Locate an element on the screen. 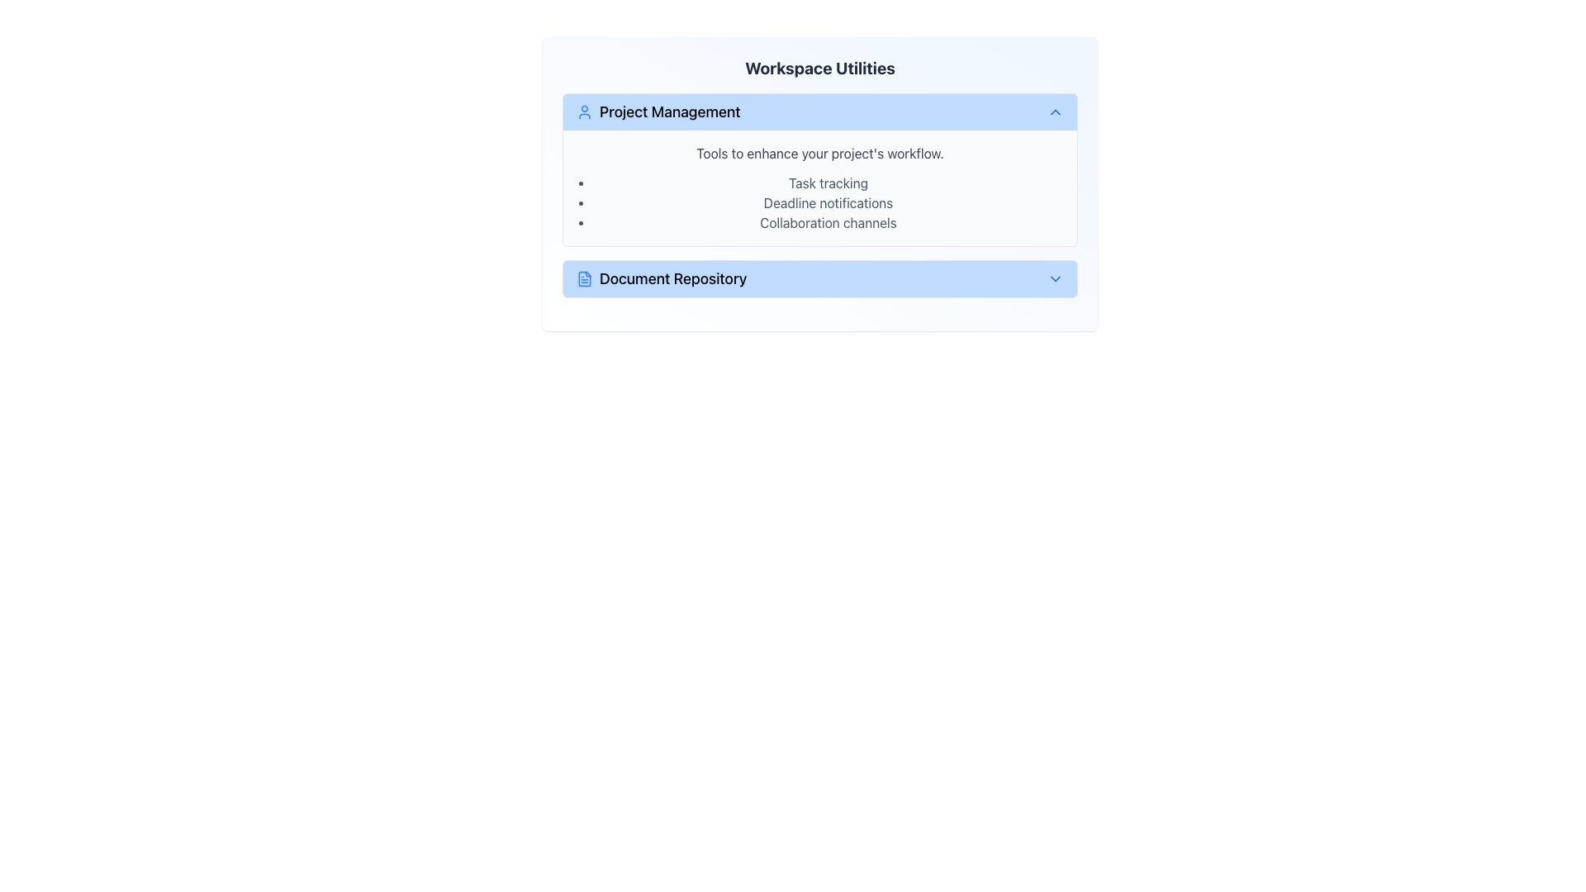 The height and width of the screenshot is (892, 1586). the downward-pointing chevron icon at the rightmost end of the 'Document Repository' row to observe potential hover effects is located at coordinates (1054, 278).